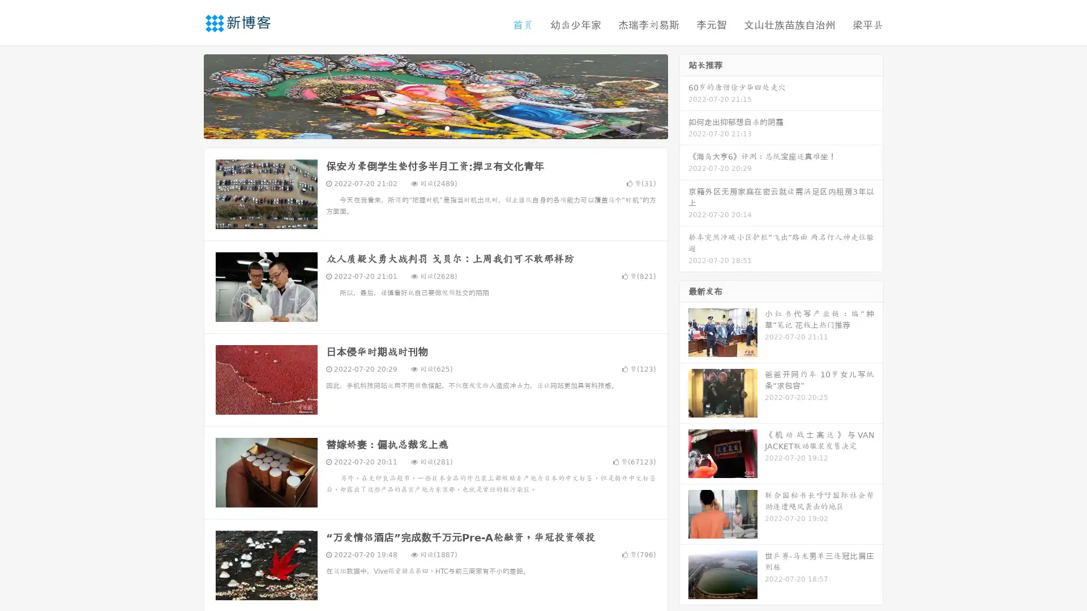 The image size is (1087, 611). I want to click on Next slide, so click(684, 95).